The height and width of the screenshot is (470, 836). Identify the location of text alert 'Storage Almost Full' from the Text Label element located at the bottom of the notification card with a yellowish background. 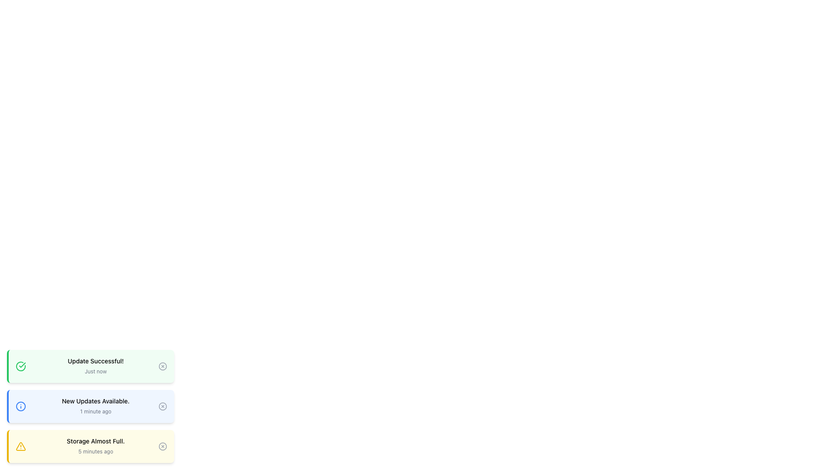
(96, 441).